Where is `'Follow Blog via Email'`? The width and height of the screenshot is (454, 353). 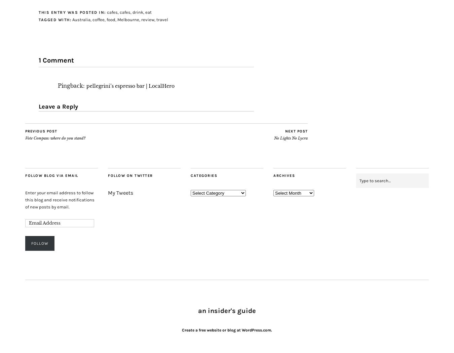
'Follow Blog via Email' is located at coordinates (51, 175).